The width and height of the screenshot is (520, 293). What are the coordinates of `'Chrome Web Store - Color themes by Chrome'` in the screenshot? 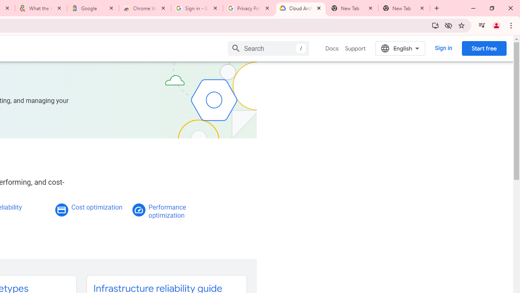 It's located at (145, 8).